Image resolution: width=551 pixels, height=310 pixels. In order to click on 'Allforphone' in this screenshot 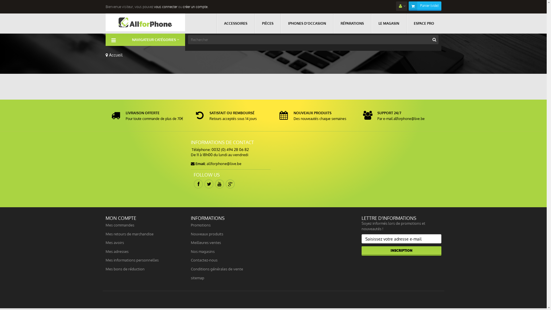, I will do `click(145, 22)`.